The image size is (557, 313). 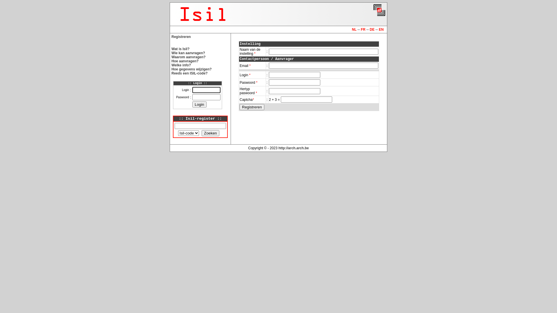 I want to click on 'http://arch.arch.be', so click(x=294, y=148).